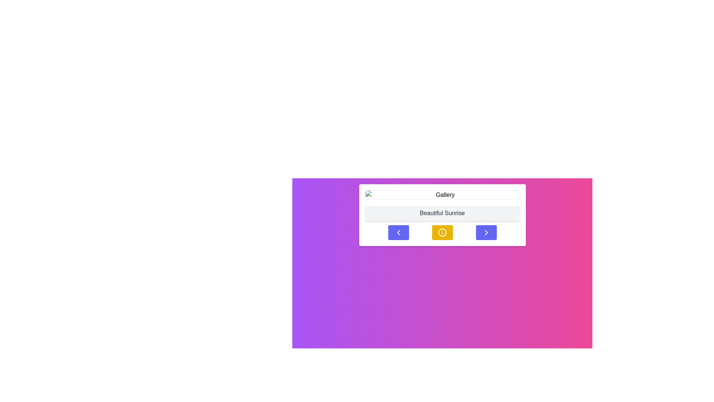  Describe the element at coordinates (398, 232) in the screenshot. I see `the left-facing chevron icon located at the top-left corner of the interface` at that location.